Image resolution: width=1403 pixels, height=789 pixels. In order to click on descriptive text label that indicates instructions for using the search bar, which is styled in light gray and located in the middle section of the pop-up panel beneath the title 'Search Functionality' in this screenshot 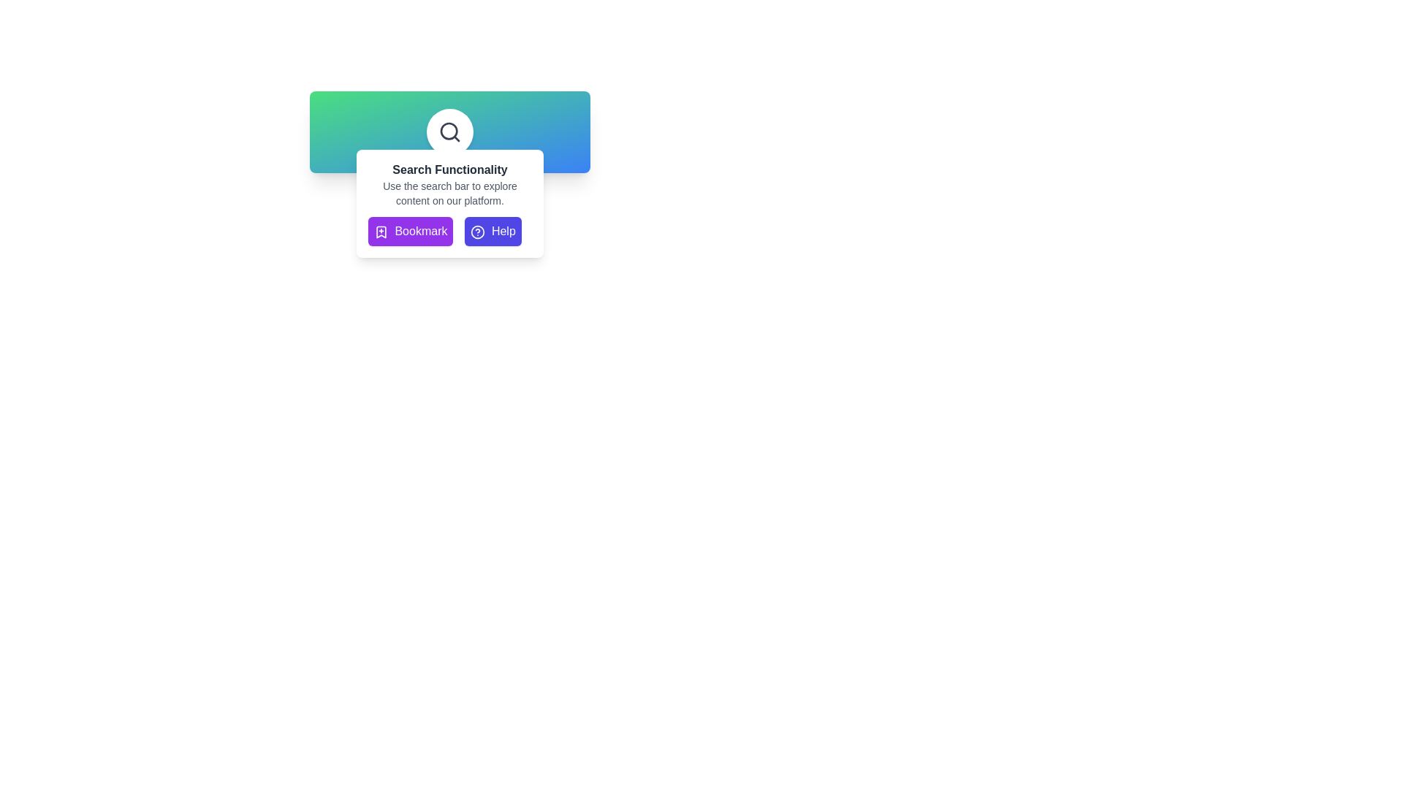, I will do `click(449, 193)`.